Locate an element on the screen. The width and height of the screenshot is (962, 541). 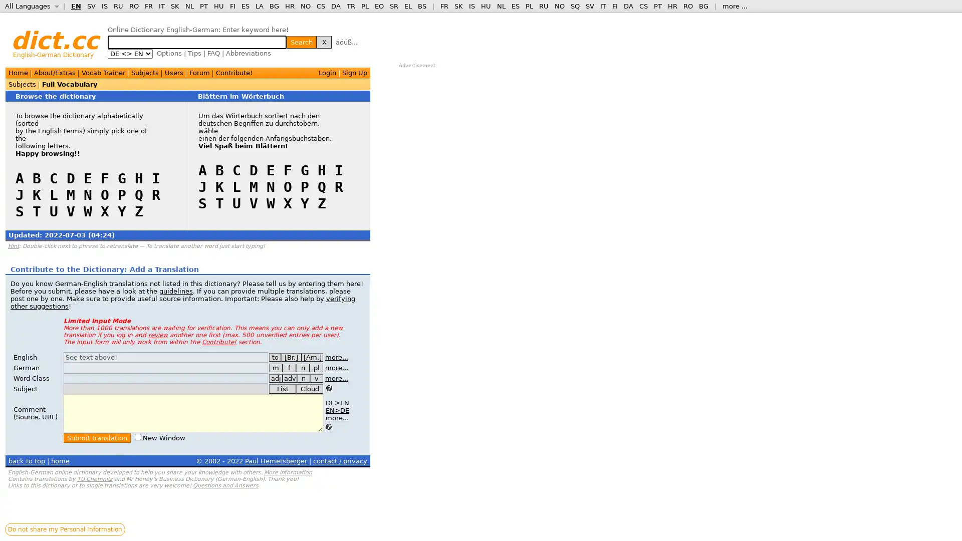
adv is located at coordinates (289, 378).